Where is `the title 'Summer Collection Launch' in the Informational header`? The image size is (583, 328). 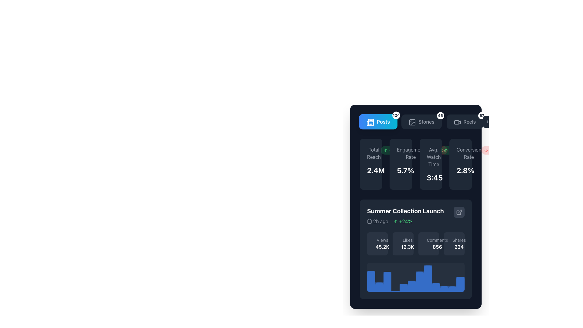 the title 'Summer Collection Launch' in the Informational header is located at coordinates (415, 215).